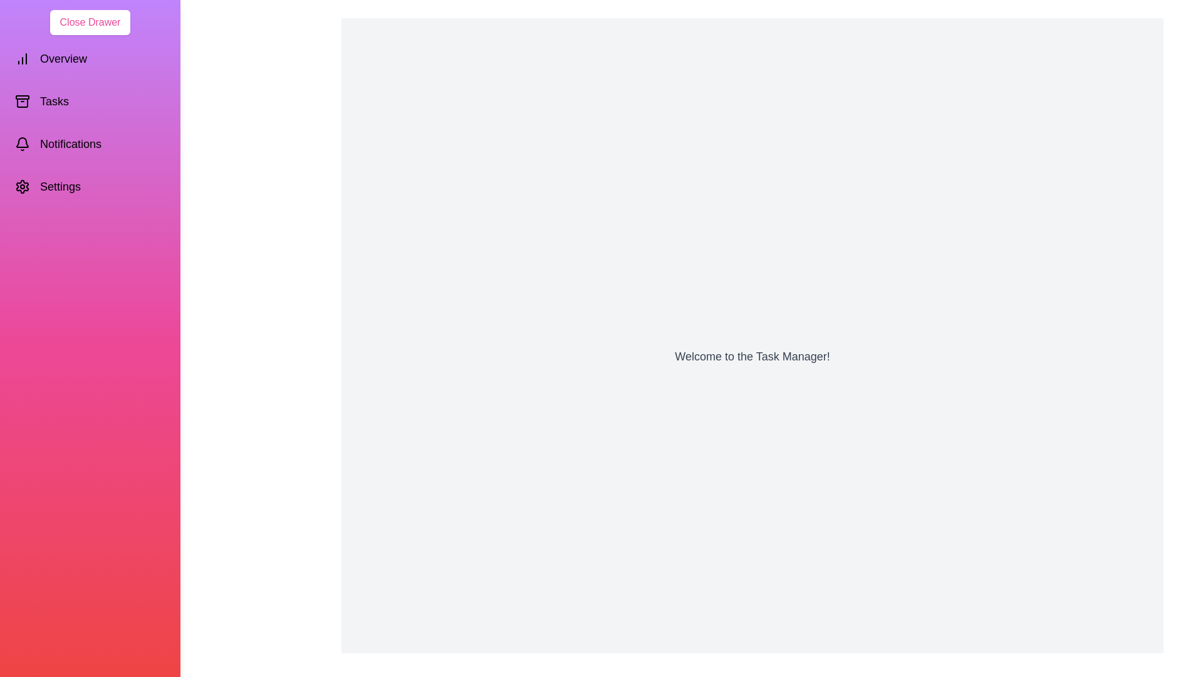  What do you see at coordinates (90, 101) in the screenshot?
I see `the 'Tasks' section in the drawer` at bounding box center [90, 101].